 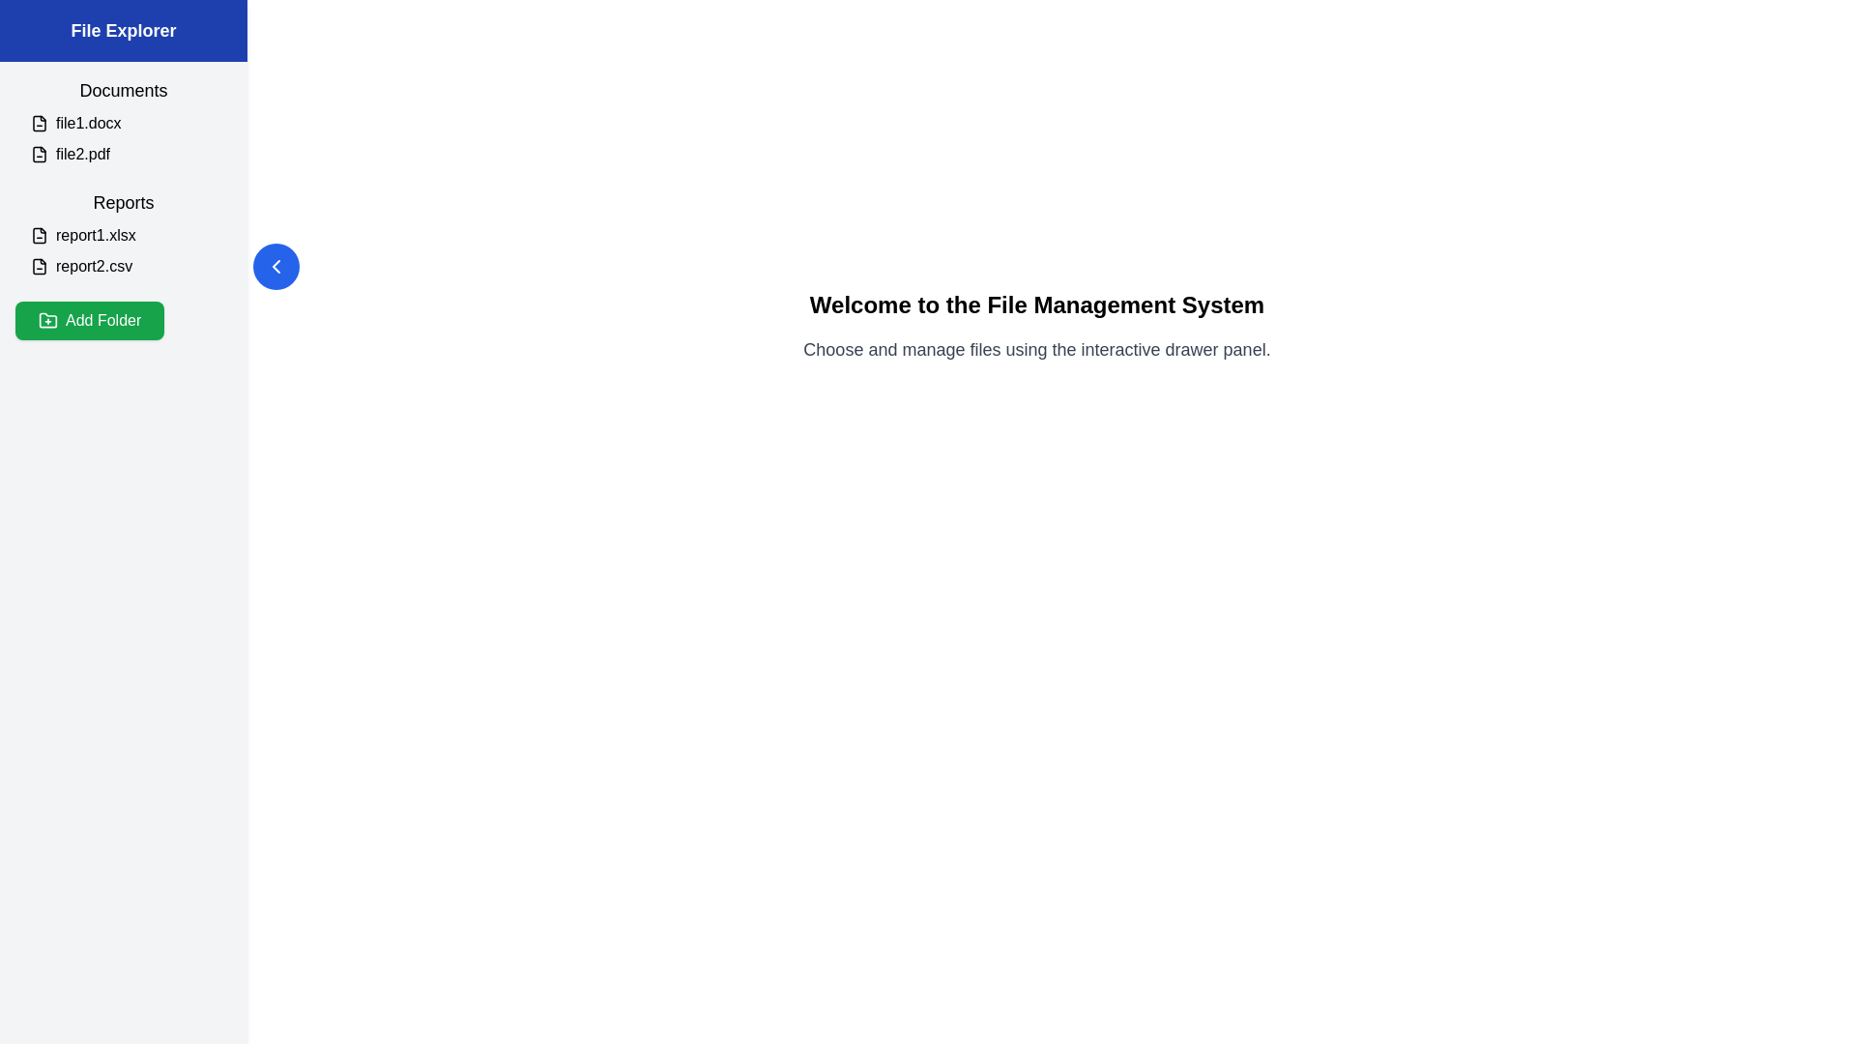 What do you see at coordinates (1036, 350) in the screenshot?
I see `the text label that reads 'Choose and manage files using the interactive drawer panel.' which is styled in a muted gray color and positioned below the main heading 'Welcome to the File Management System'` at bounding box center [1036, 350].